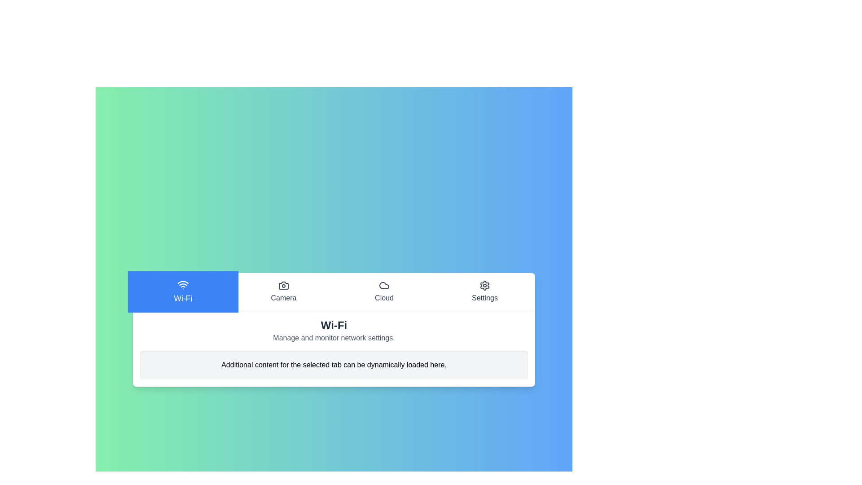 This screenshot has height=485, width=862. What do you see at coordinates (484, 291) in the screenshot?
I see `the tab labeled 'Settings' to view its description` at bounding box center [484, 291].